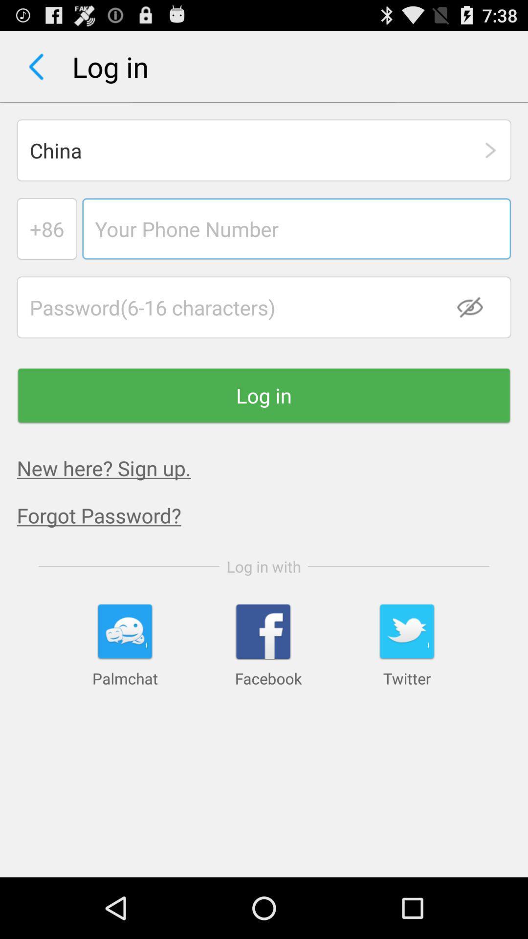  What do you see at coordinates (104, 467) in the screenshot?
I see `the button below the log in icon` at bounding box center [104, 467].